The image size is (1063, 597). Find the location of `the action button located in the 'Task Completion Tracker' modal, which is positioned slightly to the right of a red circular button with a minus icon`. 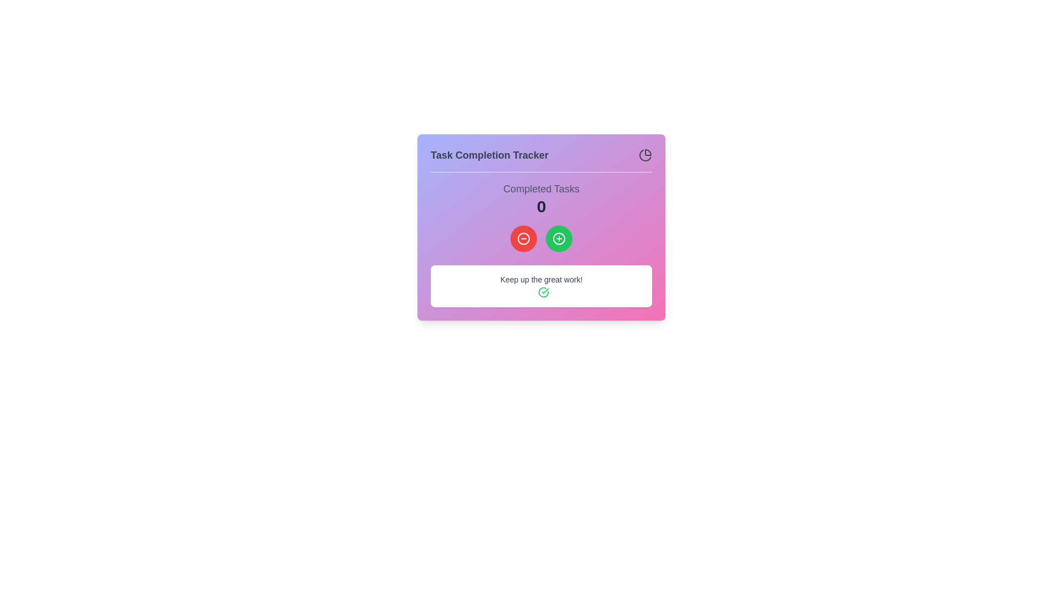

the action button located in the 'Task Completion Tracker' modal, which is positioned slightly to the right of a red circular button with a minus icon is located at coordinates (559, 238).